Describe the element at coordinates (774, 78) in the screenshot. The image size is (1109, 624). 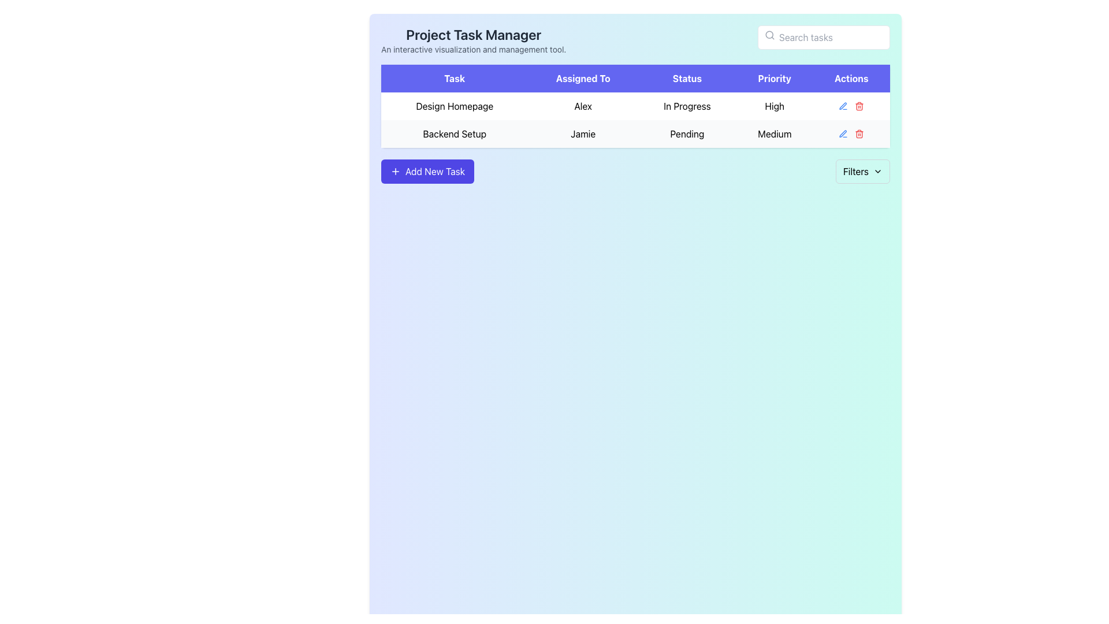
I see `the Table Column Header that indicates task priorities, located between the 'Status' and 'Actions' headers` at that location.